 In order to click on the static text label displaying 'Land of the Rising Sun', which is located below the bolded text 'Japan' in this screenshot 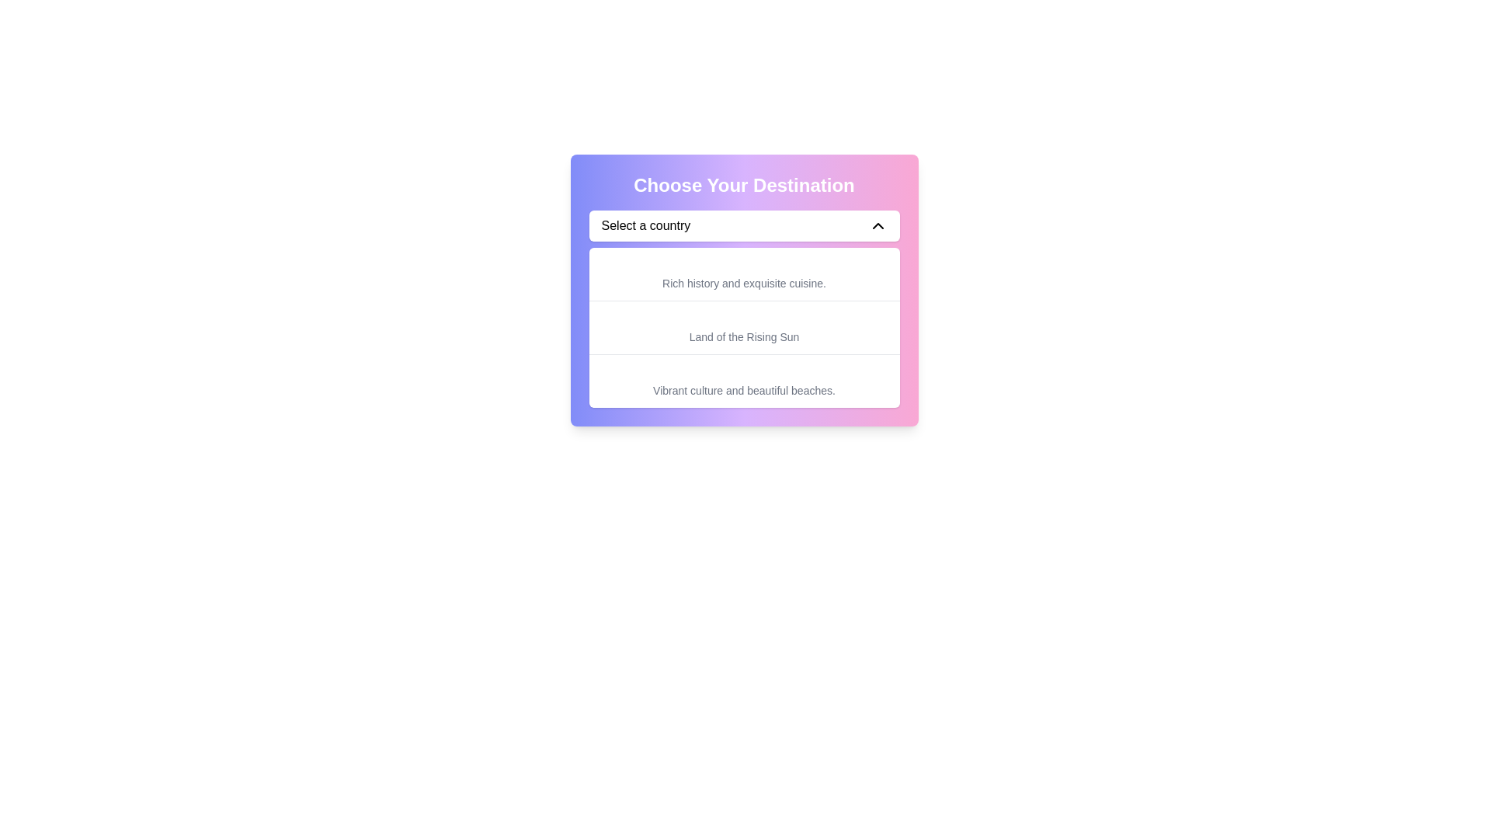, I will do `click(743, 336)`.